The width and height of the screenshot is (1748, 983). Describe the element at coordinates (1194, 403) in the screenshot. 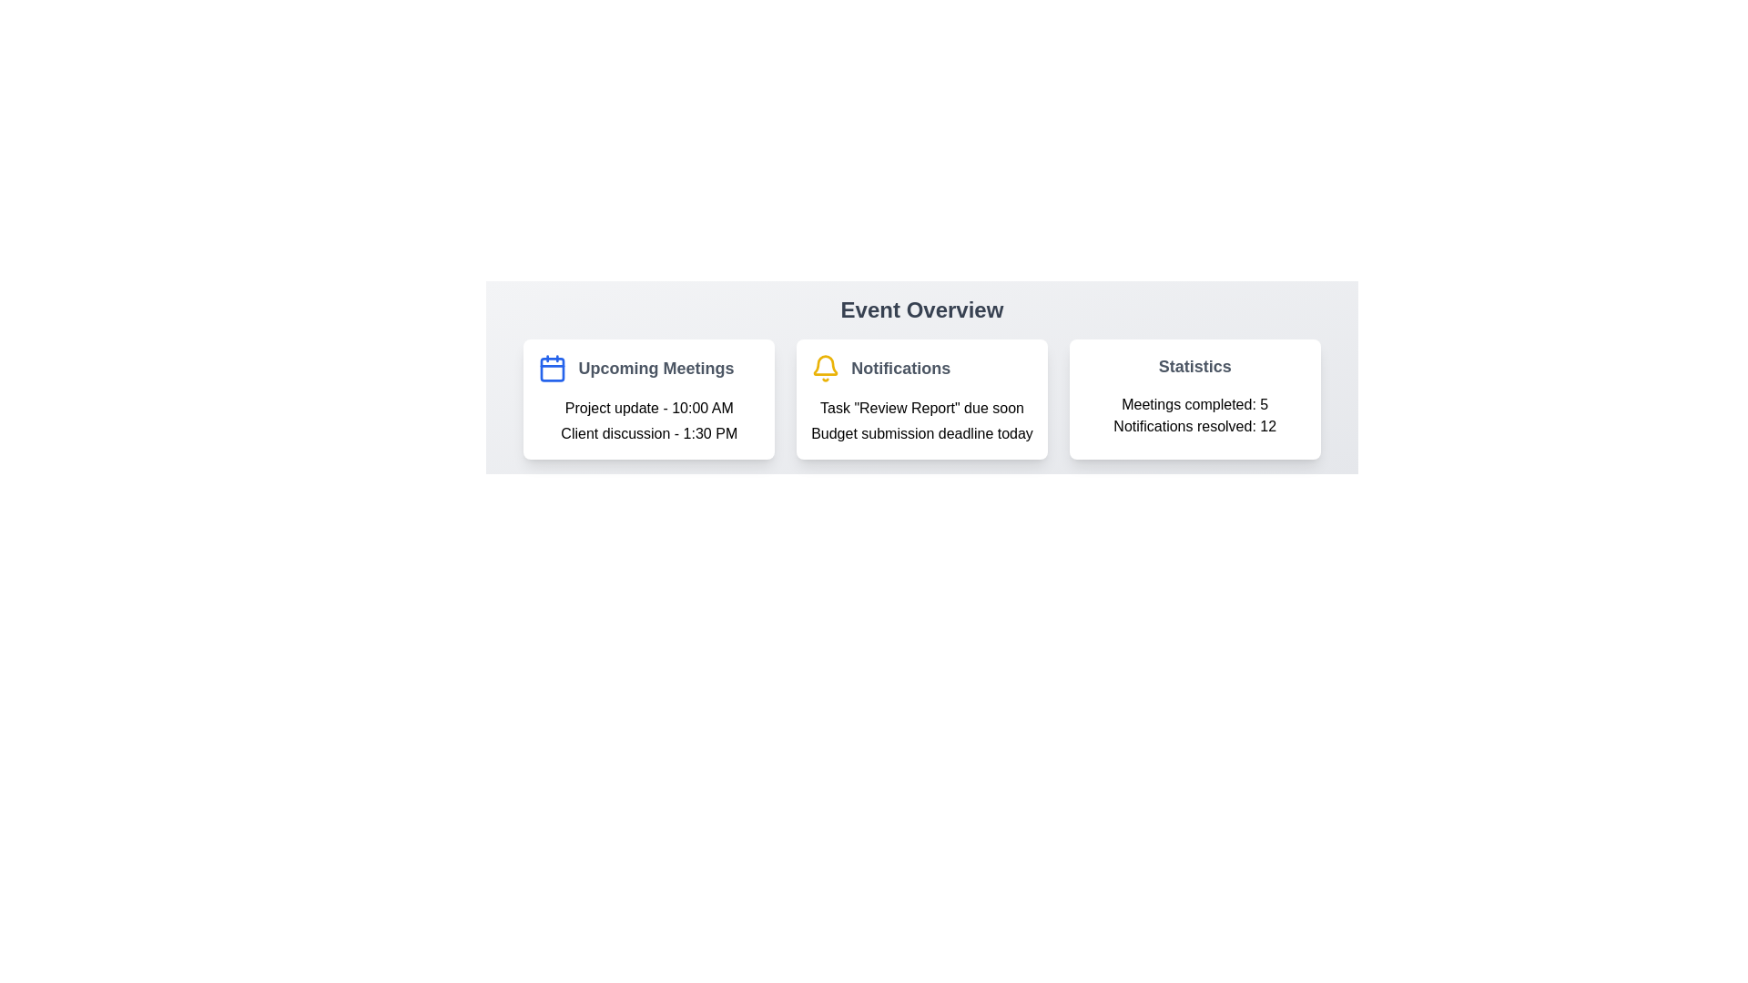

I see `static text displaying the number of meetings completed, located in the statistics card labeled 'Statistics', positioned below the header and above 'Notifications resolved: 12'` at that location.